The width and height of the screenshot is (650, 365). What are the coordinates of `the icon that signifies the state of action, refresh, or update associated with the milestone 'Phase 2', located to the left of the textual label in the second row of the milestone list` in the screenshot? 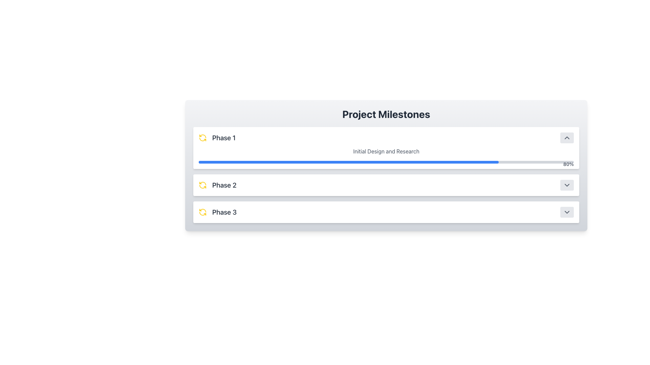 It's located at (202, 185).